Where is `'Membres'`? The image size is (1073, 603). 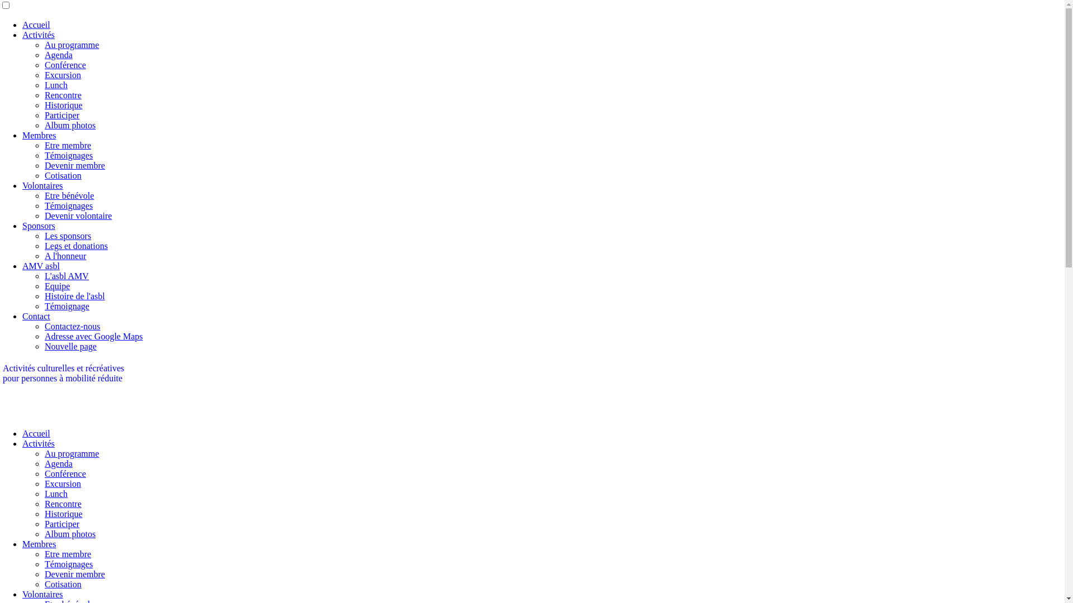
'Membres' is located at coordinates (39, 543).